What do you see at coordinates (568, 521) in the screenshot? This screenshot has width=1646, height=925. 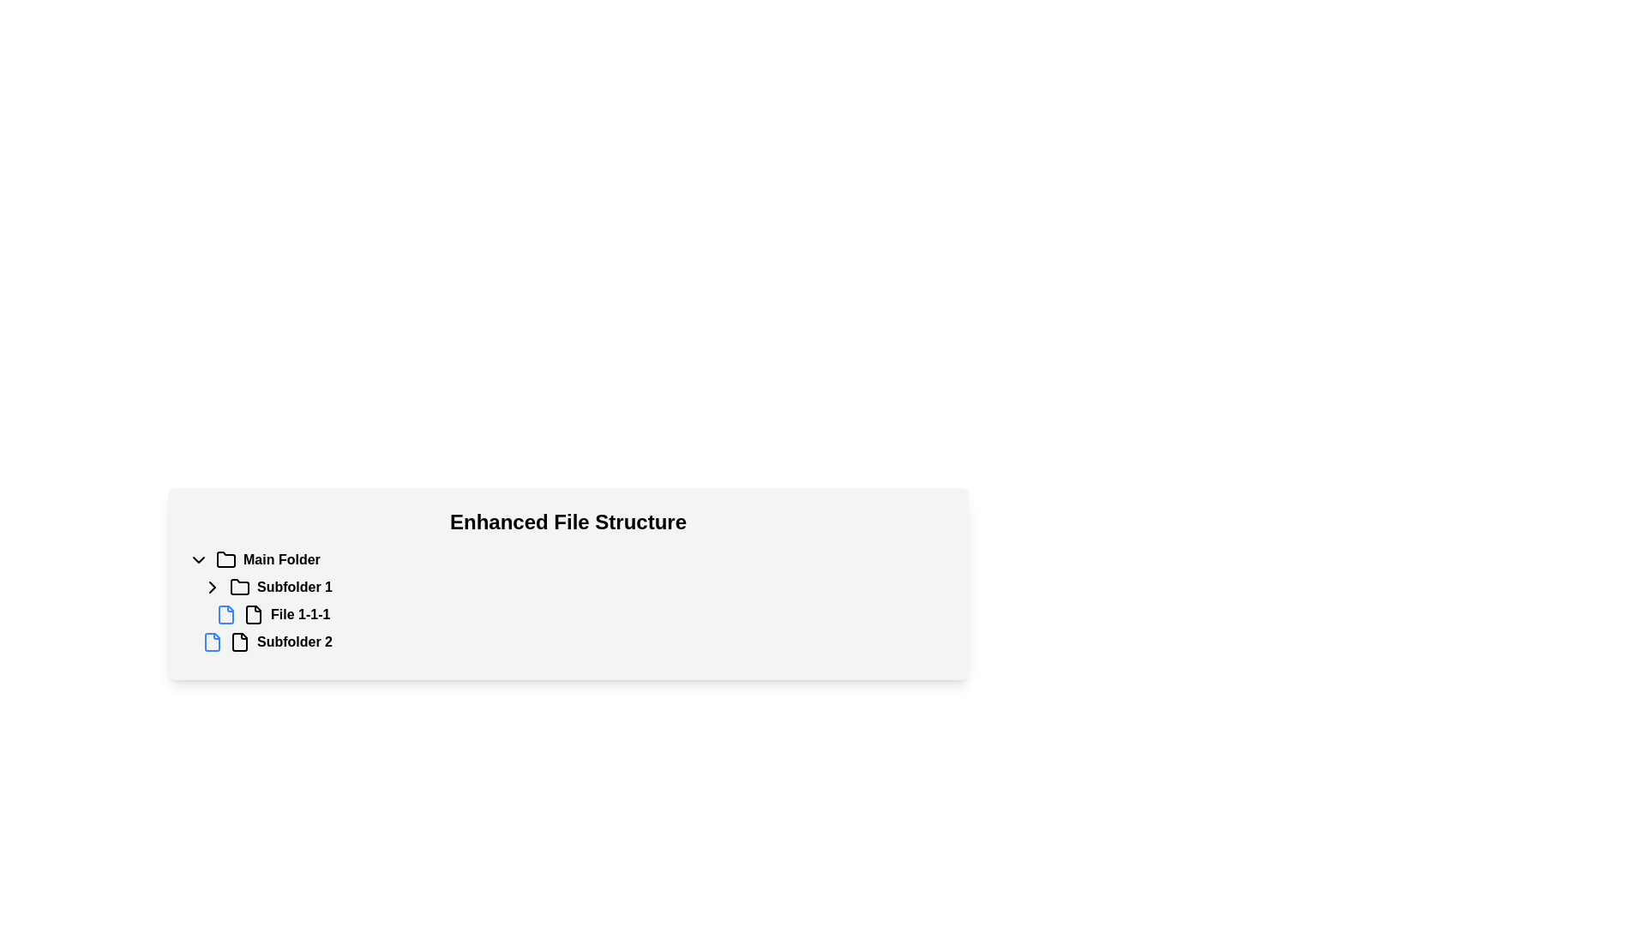 I see `the text label reading 'Enhanced File Structure' located at the top of the light gray panel` at bounding box center [568, 521].